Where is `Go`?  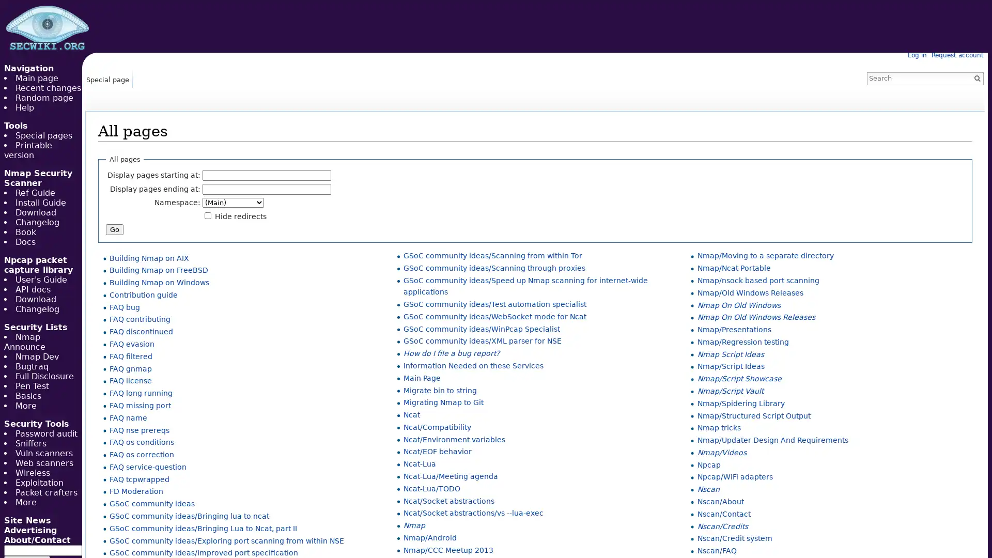 Go is located at coordinates (977, 78).